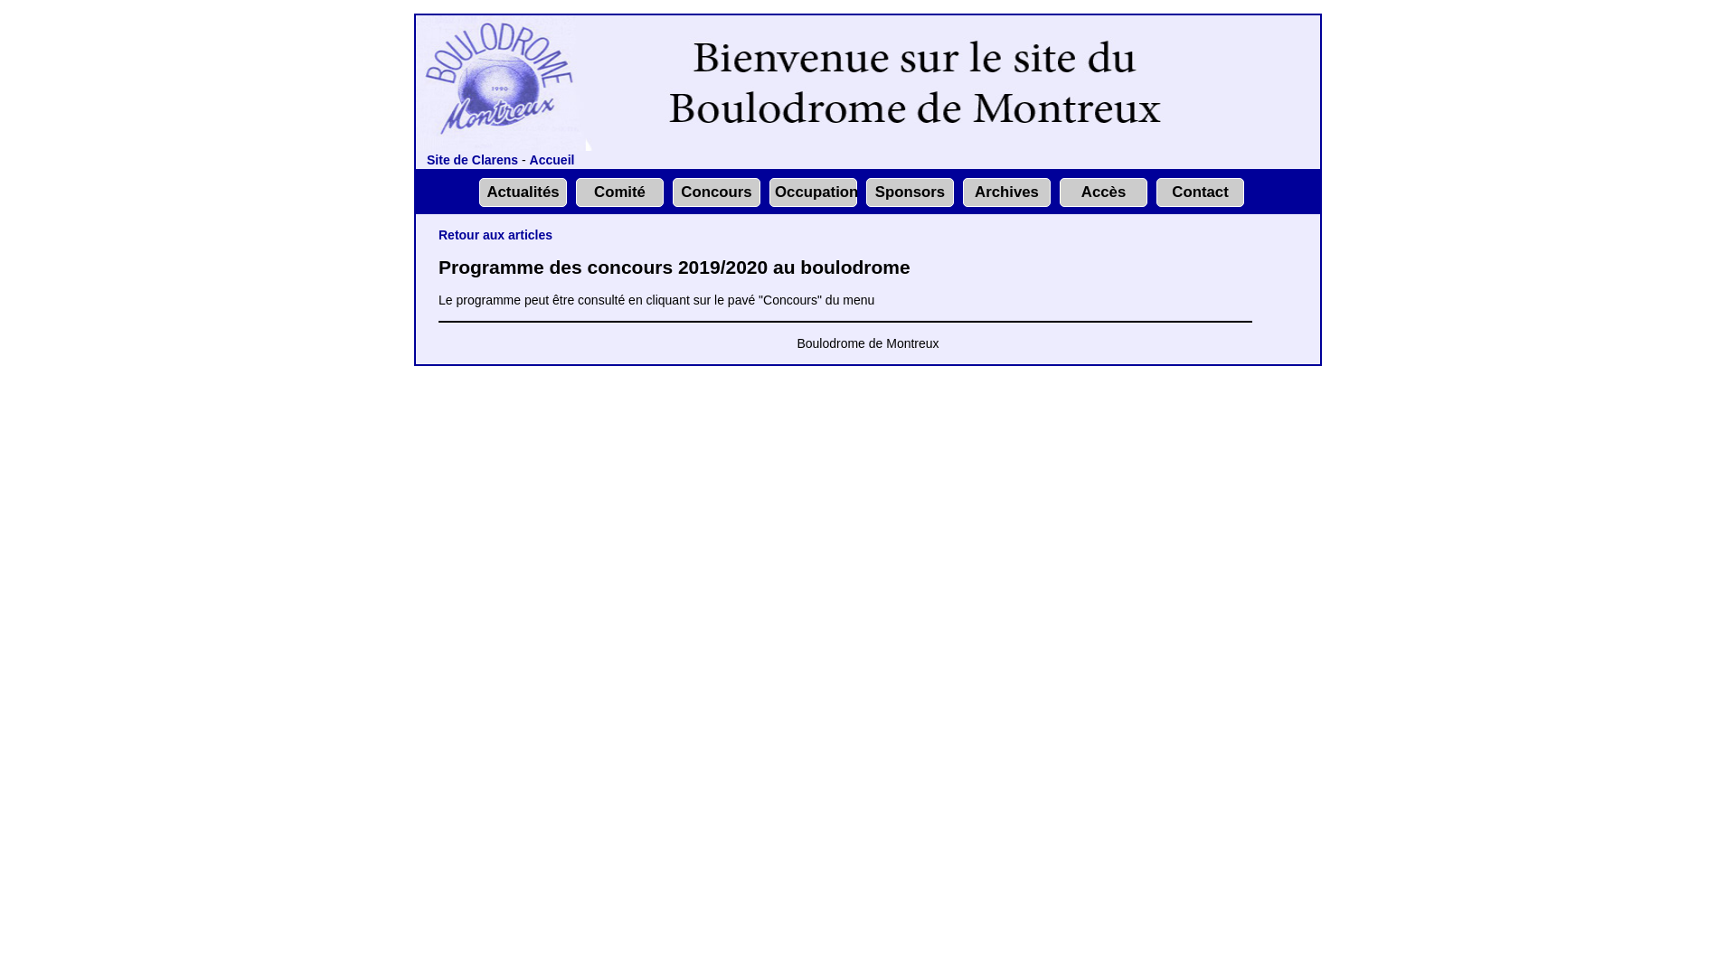 The width and height of the screenshot is (1736, 976). I want to click on 'Retour aux articles', so click(438, 233).